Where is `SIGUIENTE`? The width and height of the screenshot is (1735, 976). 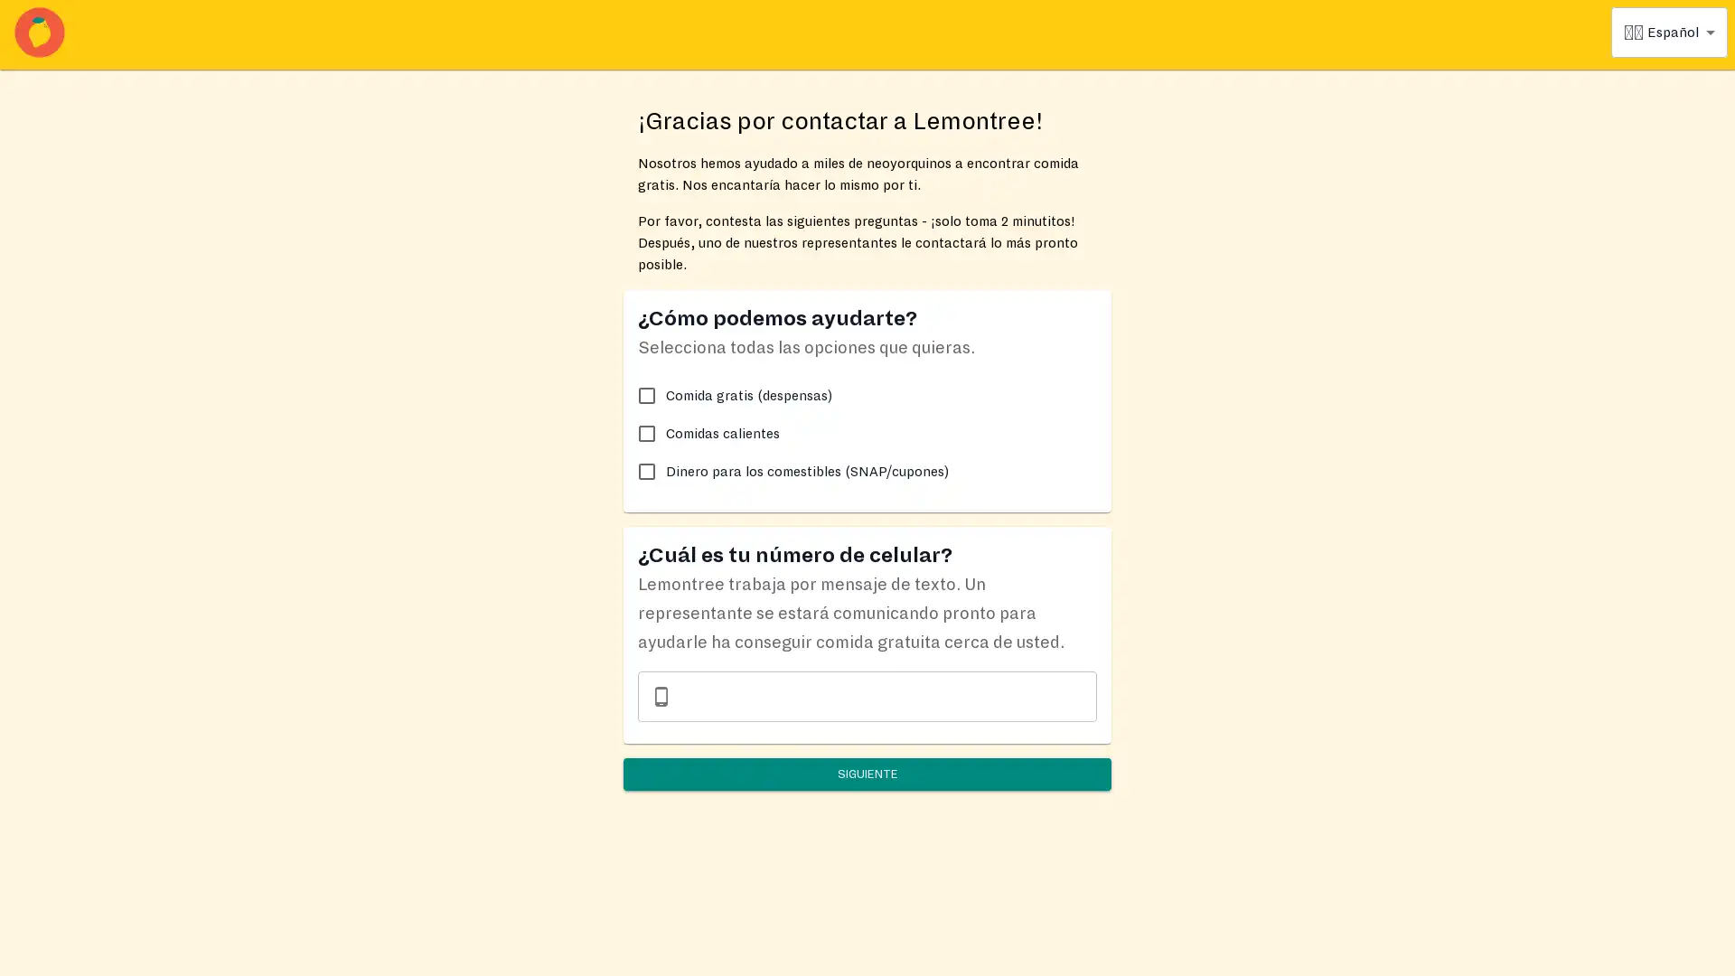 SIGUIENTE is located at coordinates (867, 773).